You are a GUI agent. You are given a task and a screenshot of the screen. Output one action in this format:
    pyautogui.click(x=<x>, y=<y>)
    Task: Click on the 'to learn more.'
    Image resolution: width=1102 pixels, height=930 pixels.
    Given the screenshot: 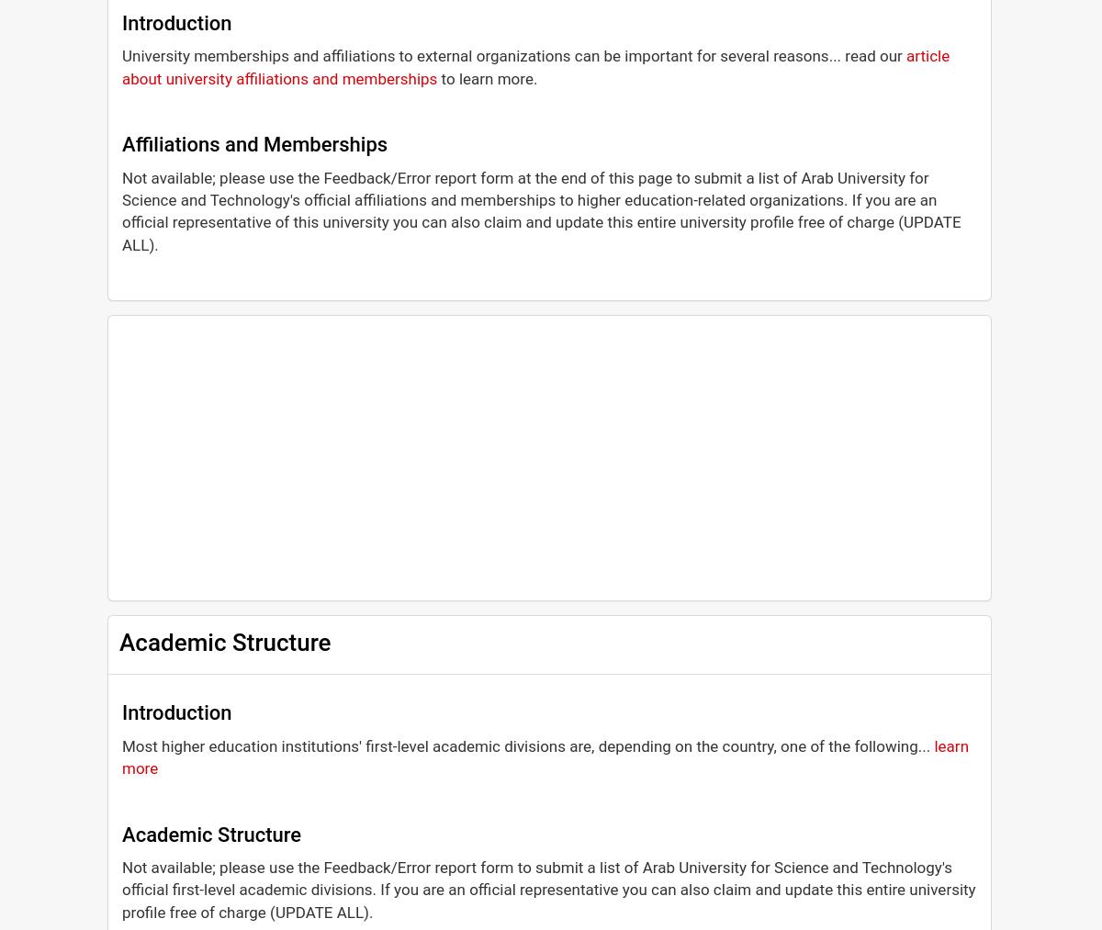 What is the action you would take?
    pyautogui.click(x=486, y=76)
    